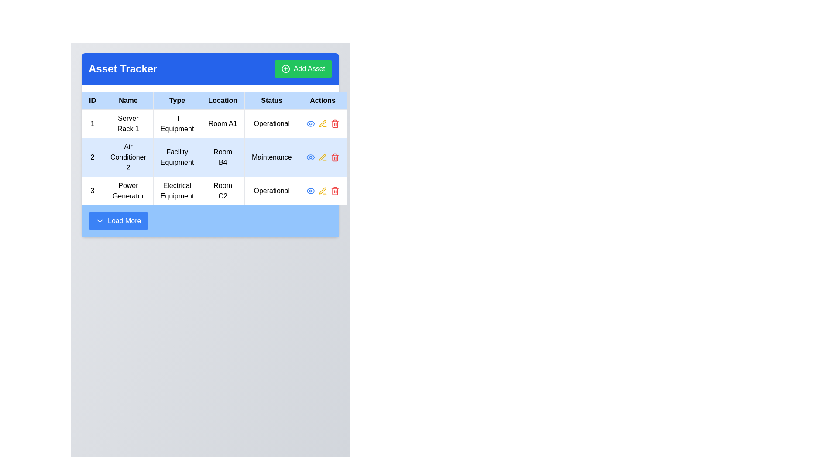 This screenshot has height=471, width=838. Describe the element at coordinates (322, 157) in the screenshot. I see `the Interactive Icon Button in the 'Actions' column of the second row of the asset tracking table` at that location.